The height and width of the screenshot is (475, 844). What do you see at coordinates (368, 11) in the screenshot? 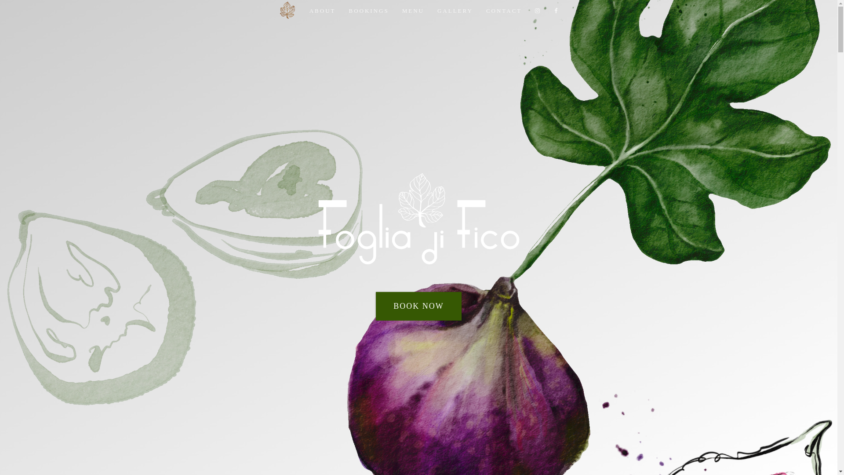
I see `'BOOKINGS'` at bounding box center [368, 11].